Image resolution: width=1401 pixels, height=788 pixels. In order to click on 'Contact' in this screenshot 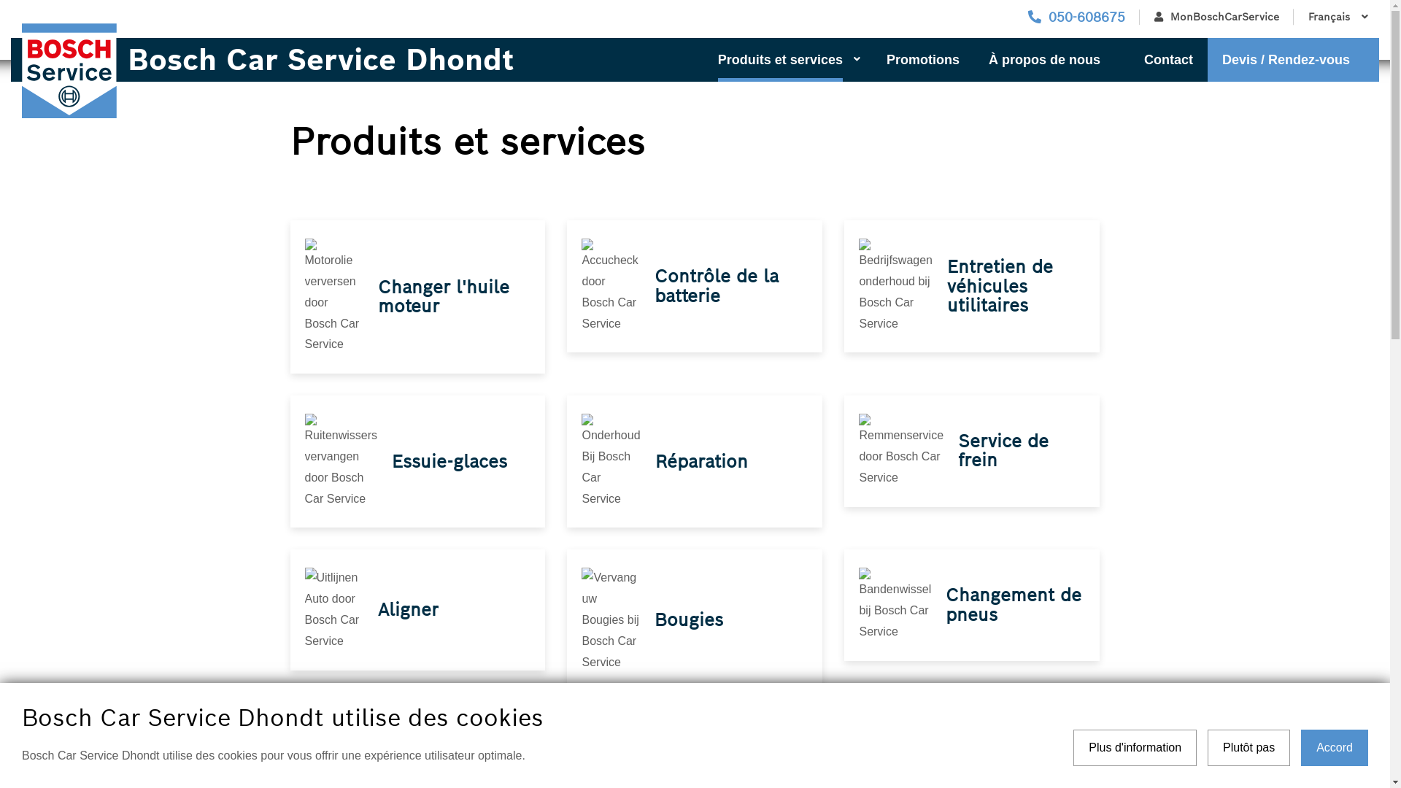, I will do `click(1168, 58)`.